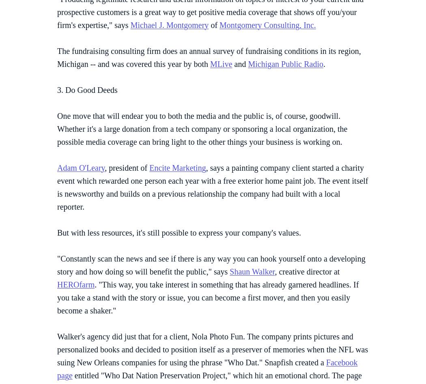 This screenshot has height=384, width=426. Describe the element at coordinates (87, 90) in the screenshot. I see `'3. Do Good Deeds'` at that location.